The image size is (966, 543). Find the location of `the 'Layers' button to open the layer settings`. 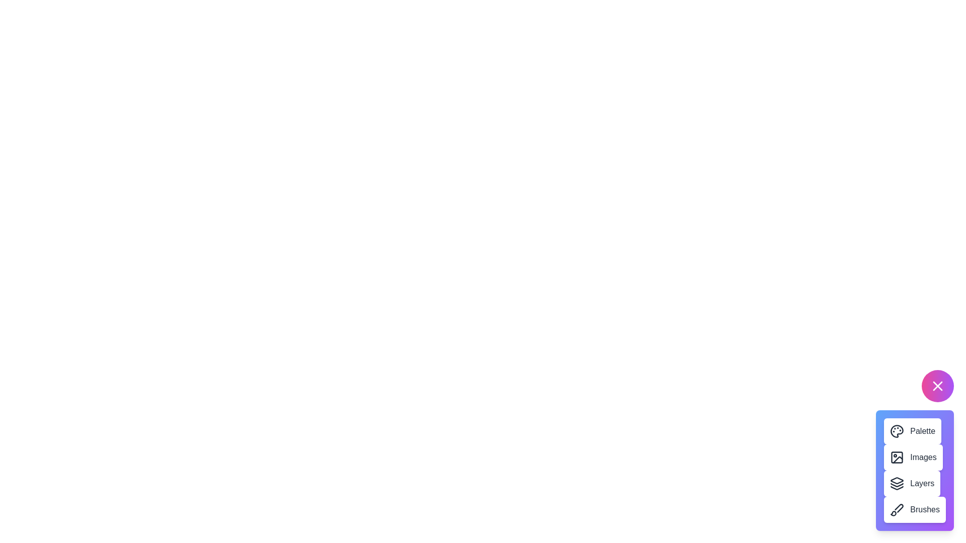

the 'Layers' button to open the layer settings is located at coordinates (912, 483).